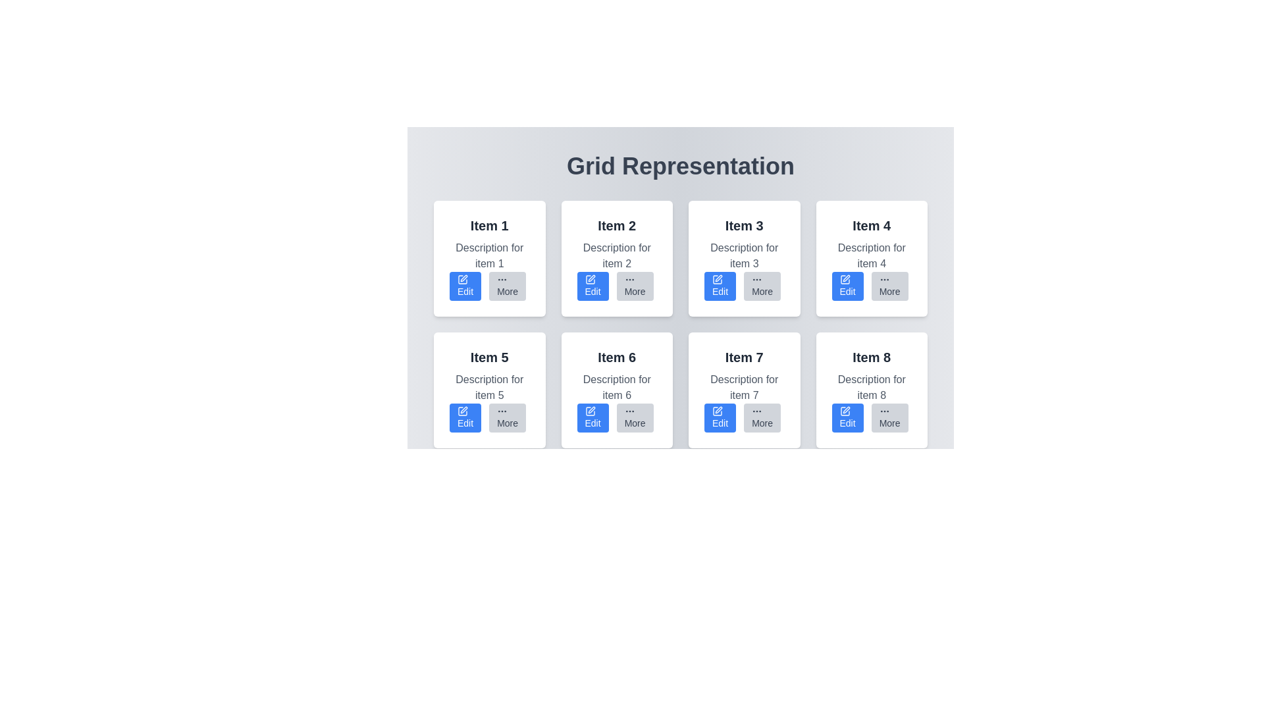 The width and height of the screenshot is (1264, 711). What do you see at coordinates (488, 225) in the screenshot?
I see `the Text label that serves as the title or heading for the first card in the grid layout, located at the top-left corner of the card` at bounding box center [488, 225].